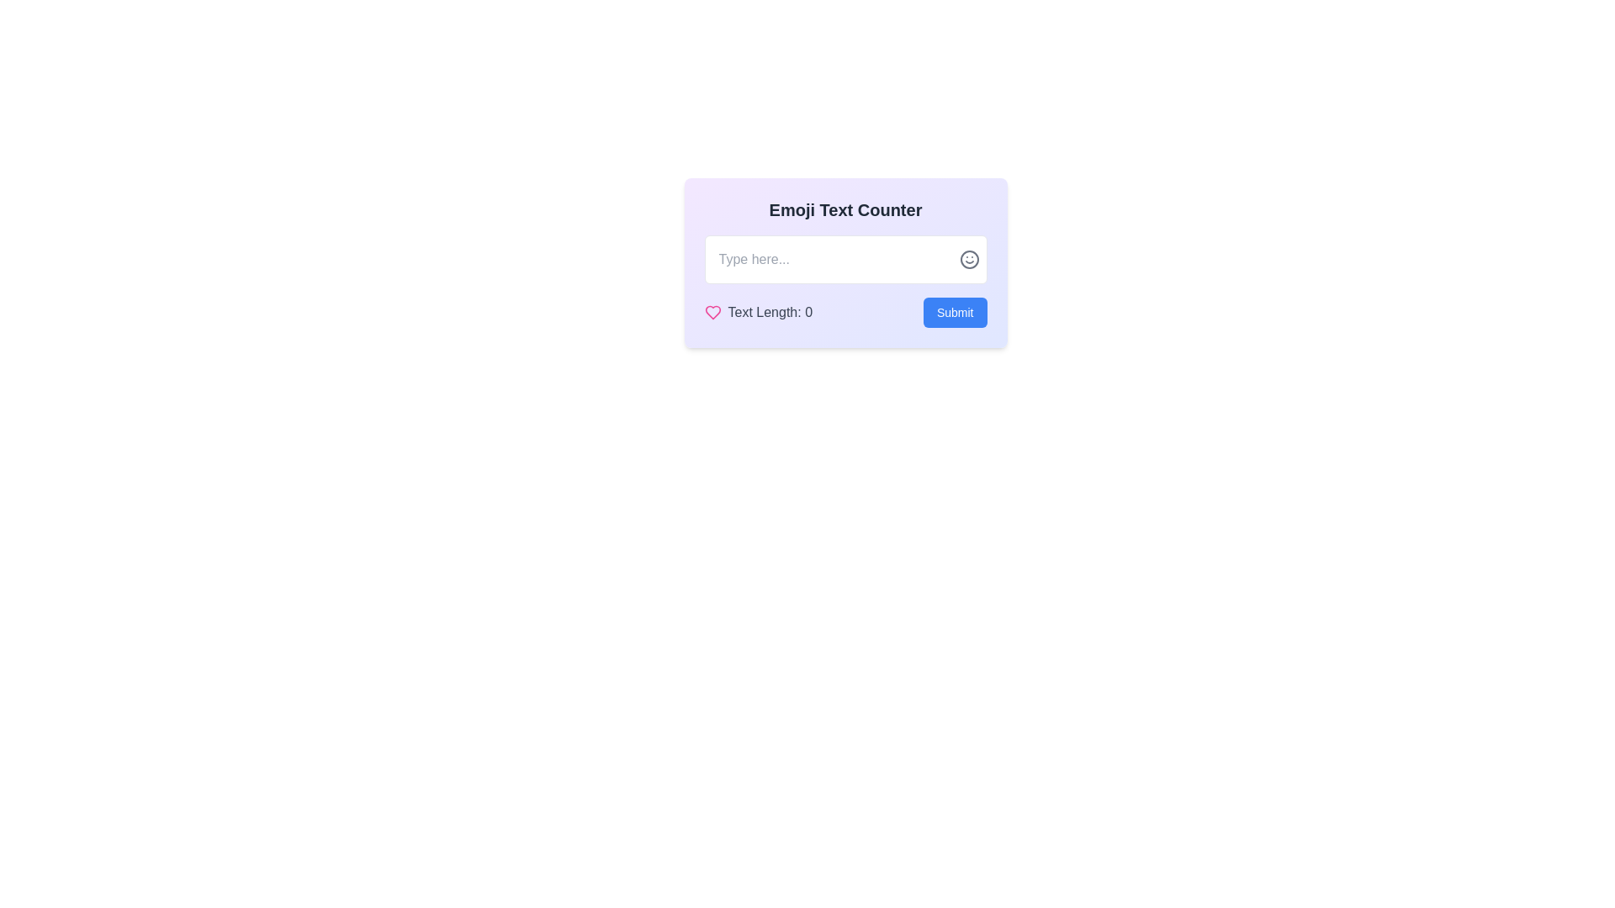  Describe the element at coordinates (845, 262) in the screenshot. I see `structure of the input field within the purple gradient card titled 'Emoji Text Counter', located in the center of the card, below the title and above the footer elements` at that location.